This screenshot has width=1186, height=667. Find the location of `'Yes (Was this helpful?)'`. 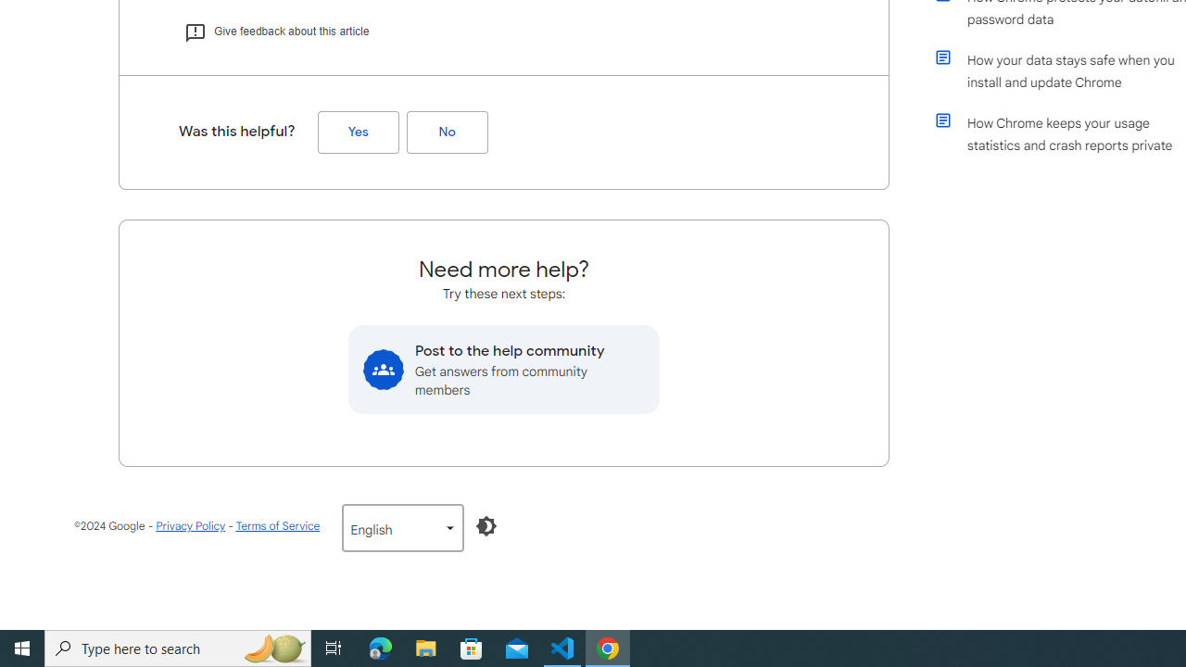

'Yes (Was this helpful?)' is located at coordinates (358, 132).